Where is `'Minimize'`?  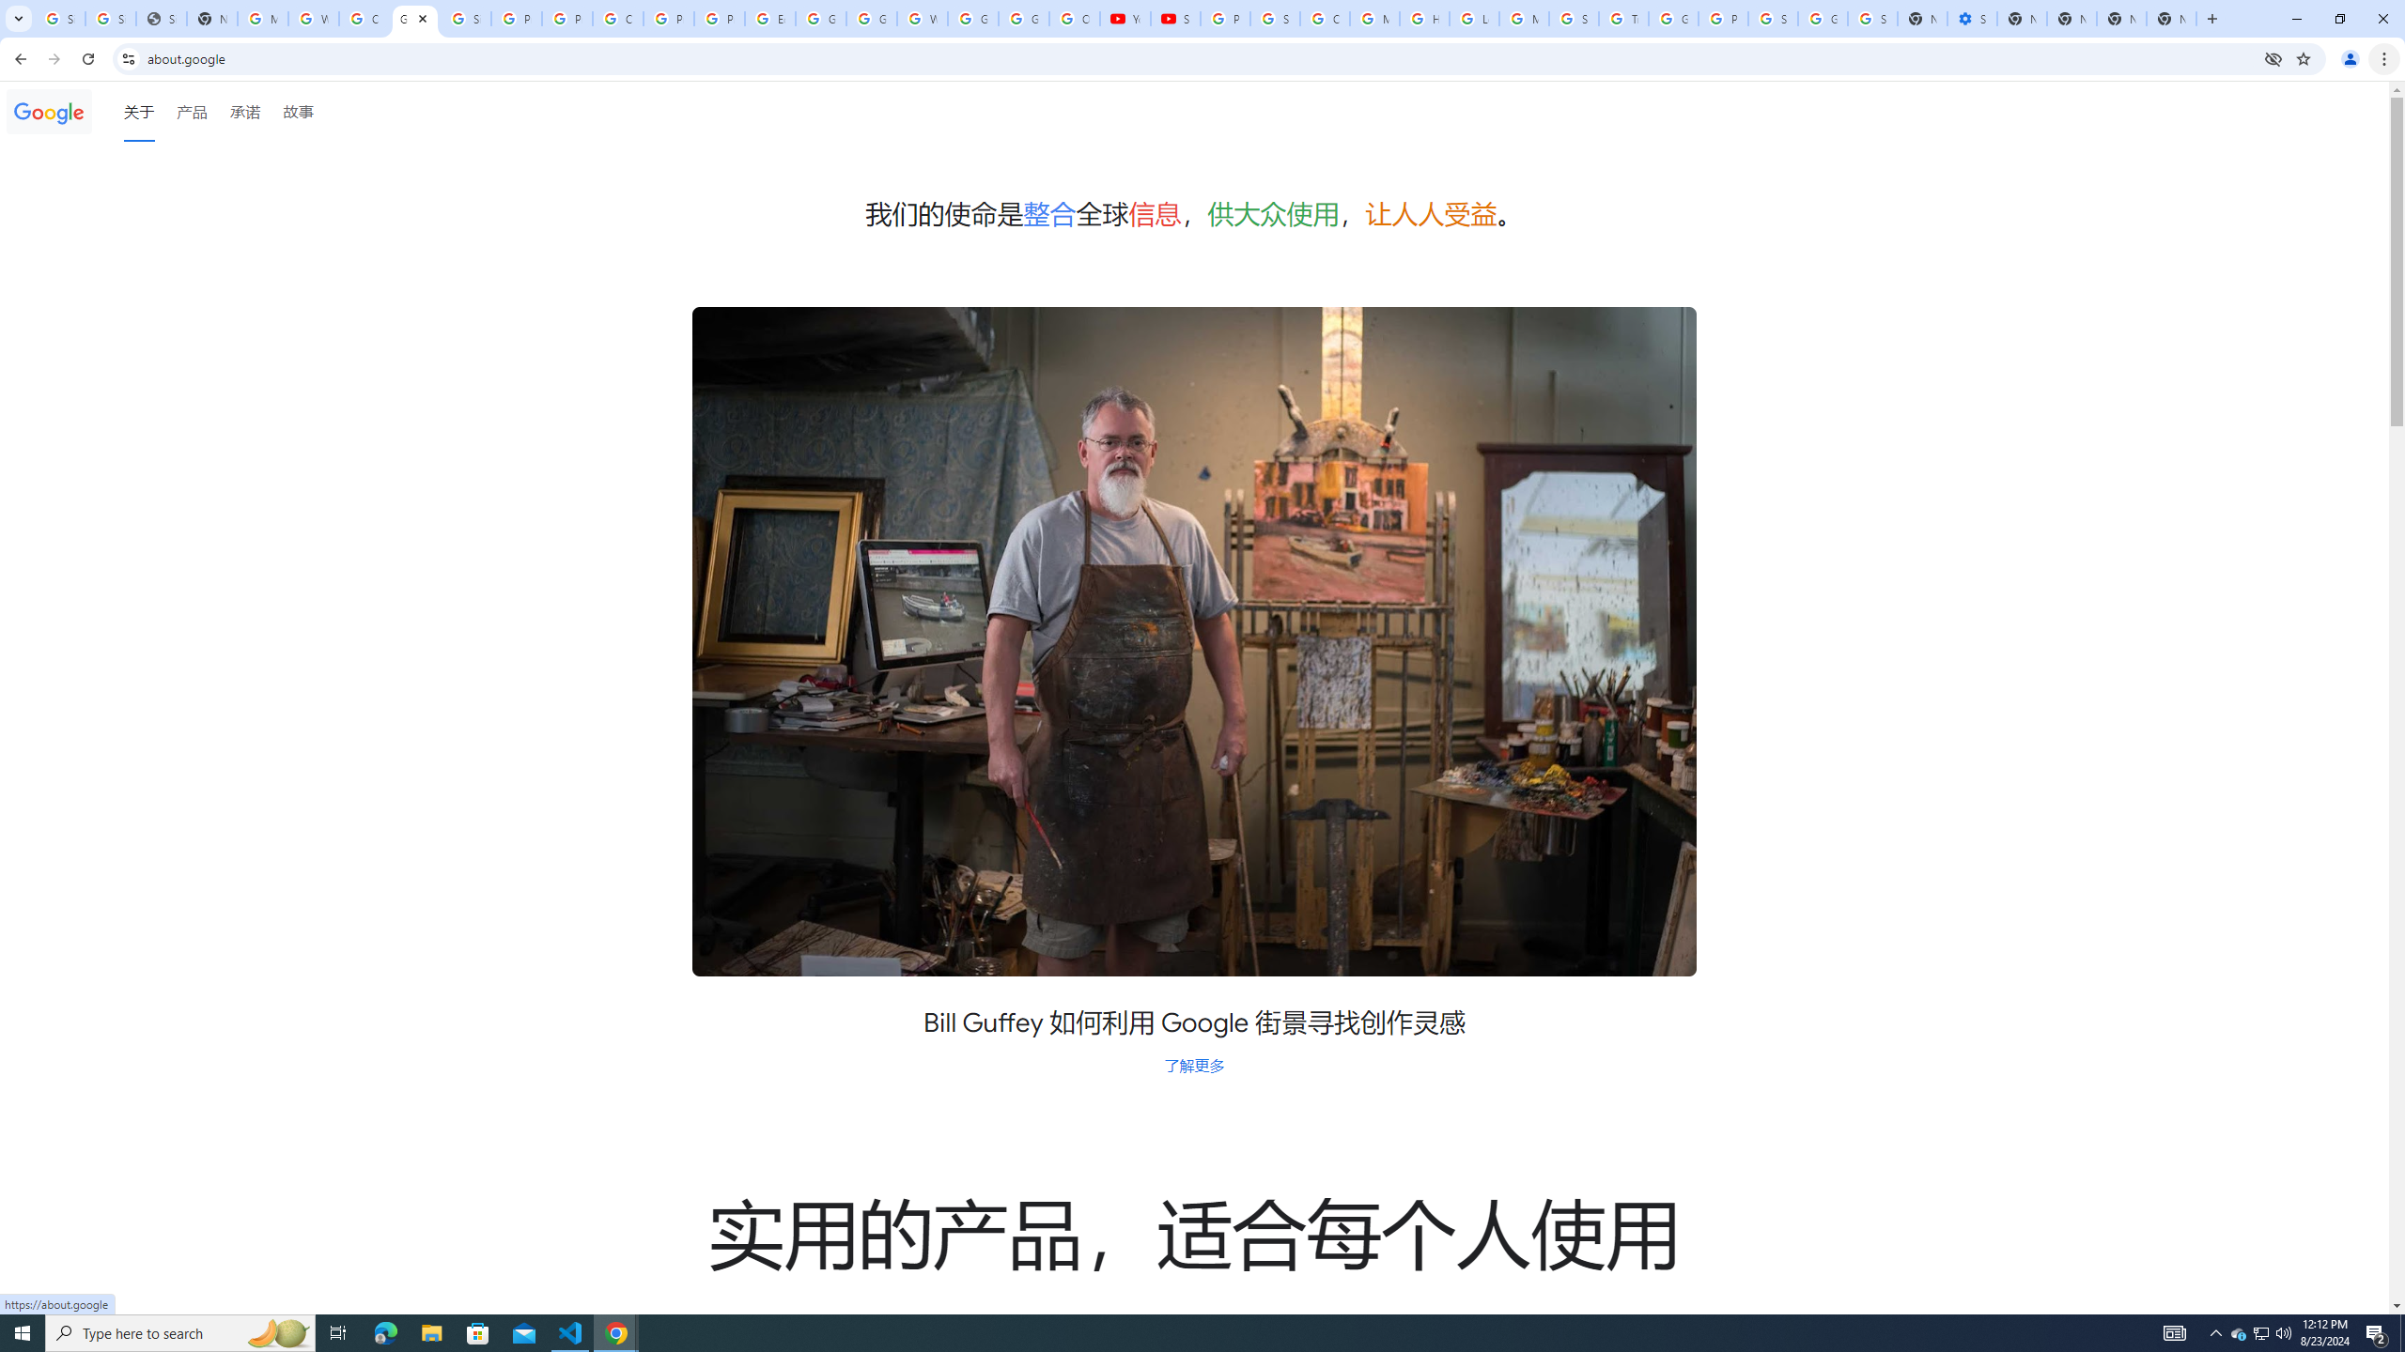 'Minimize' is located at coordinates (2295, 18).